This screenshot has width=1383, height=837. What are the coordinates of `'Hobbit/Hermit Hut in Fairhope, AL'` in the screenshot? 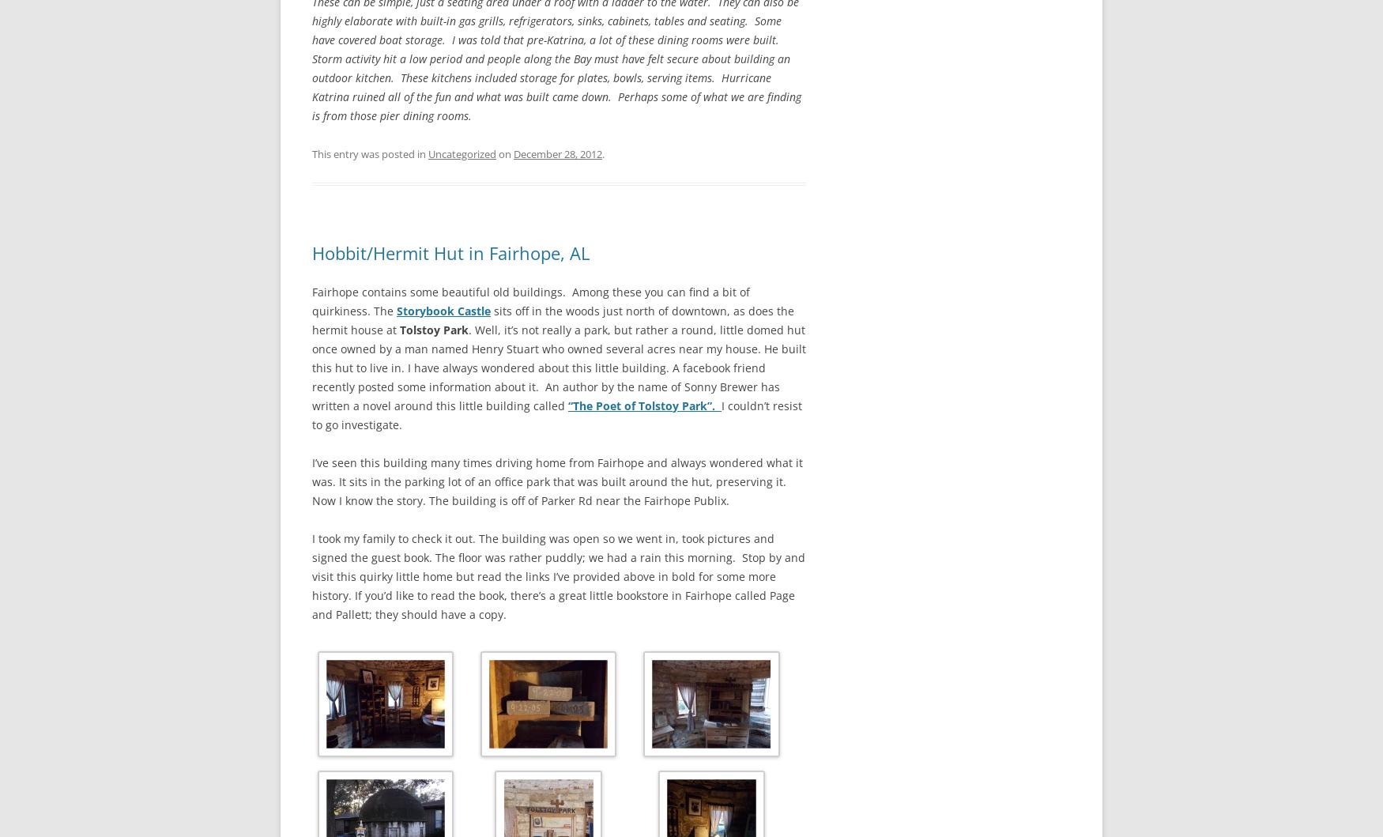 It's located at (450, 252).